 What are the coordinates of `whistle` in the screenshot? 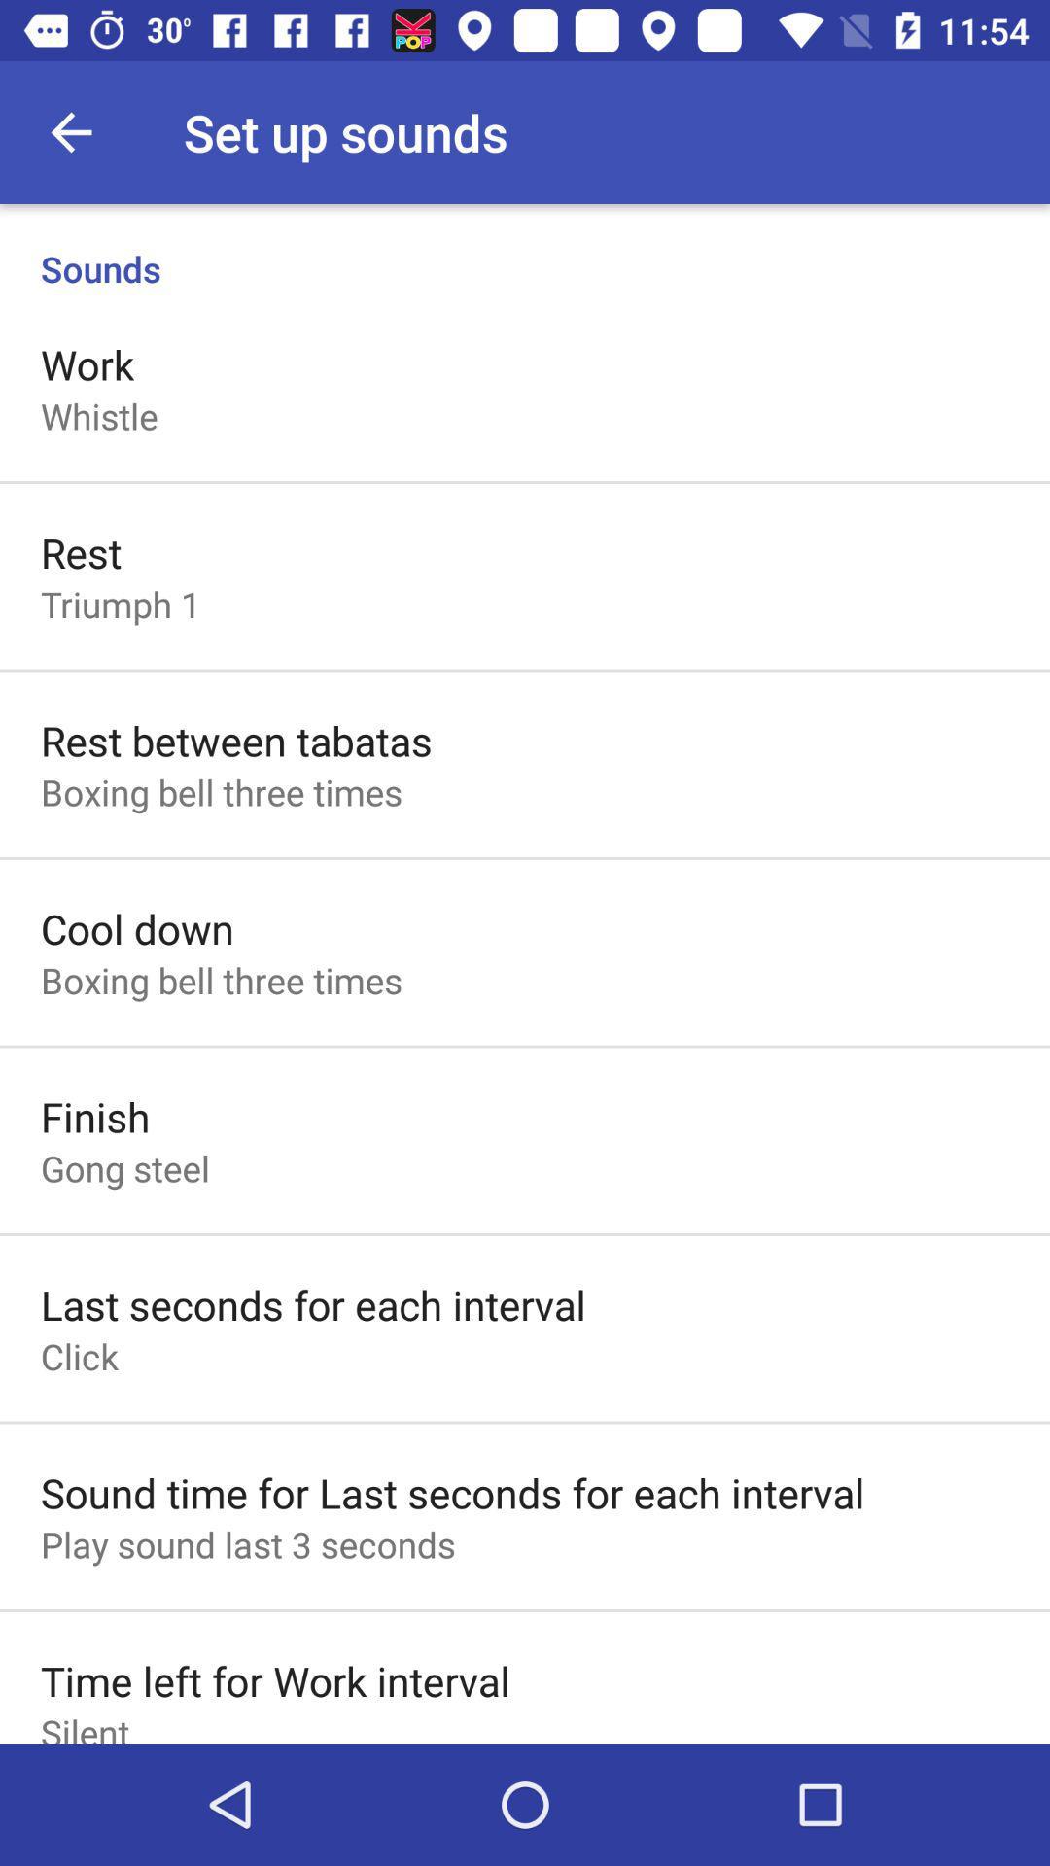 It's located at (99, 415).